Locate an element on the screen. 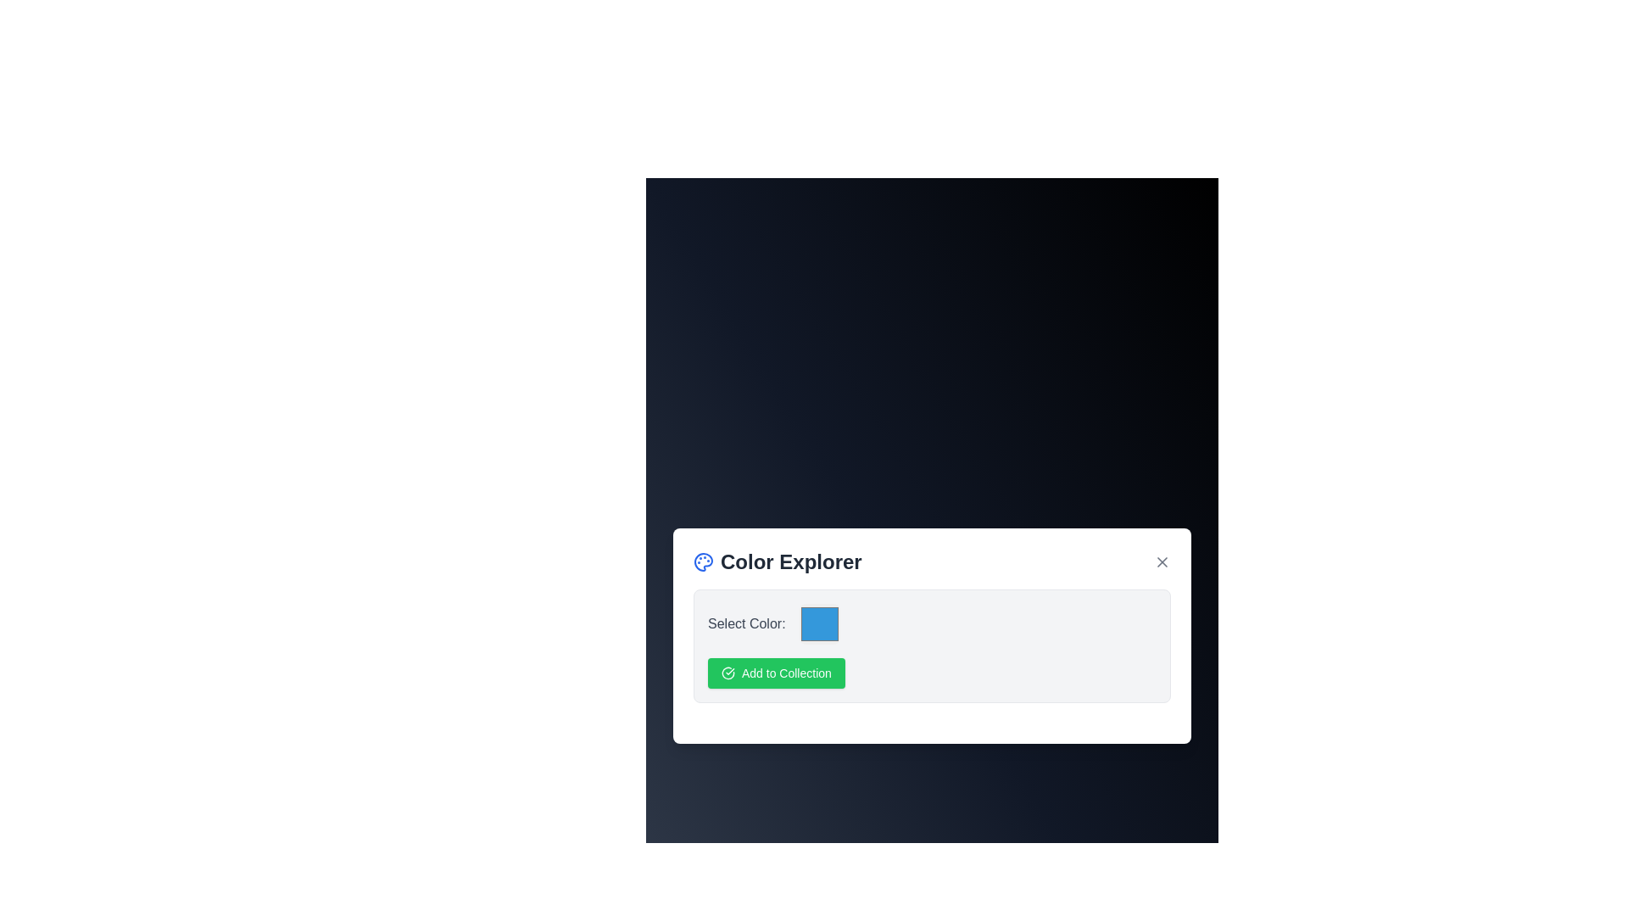  the close button in the top-right corner of the 'Color Explorer' section to change its color is located at coordinates (1162, 562).